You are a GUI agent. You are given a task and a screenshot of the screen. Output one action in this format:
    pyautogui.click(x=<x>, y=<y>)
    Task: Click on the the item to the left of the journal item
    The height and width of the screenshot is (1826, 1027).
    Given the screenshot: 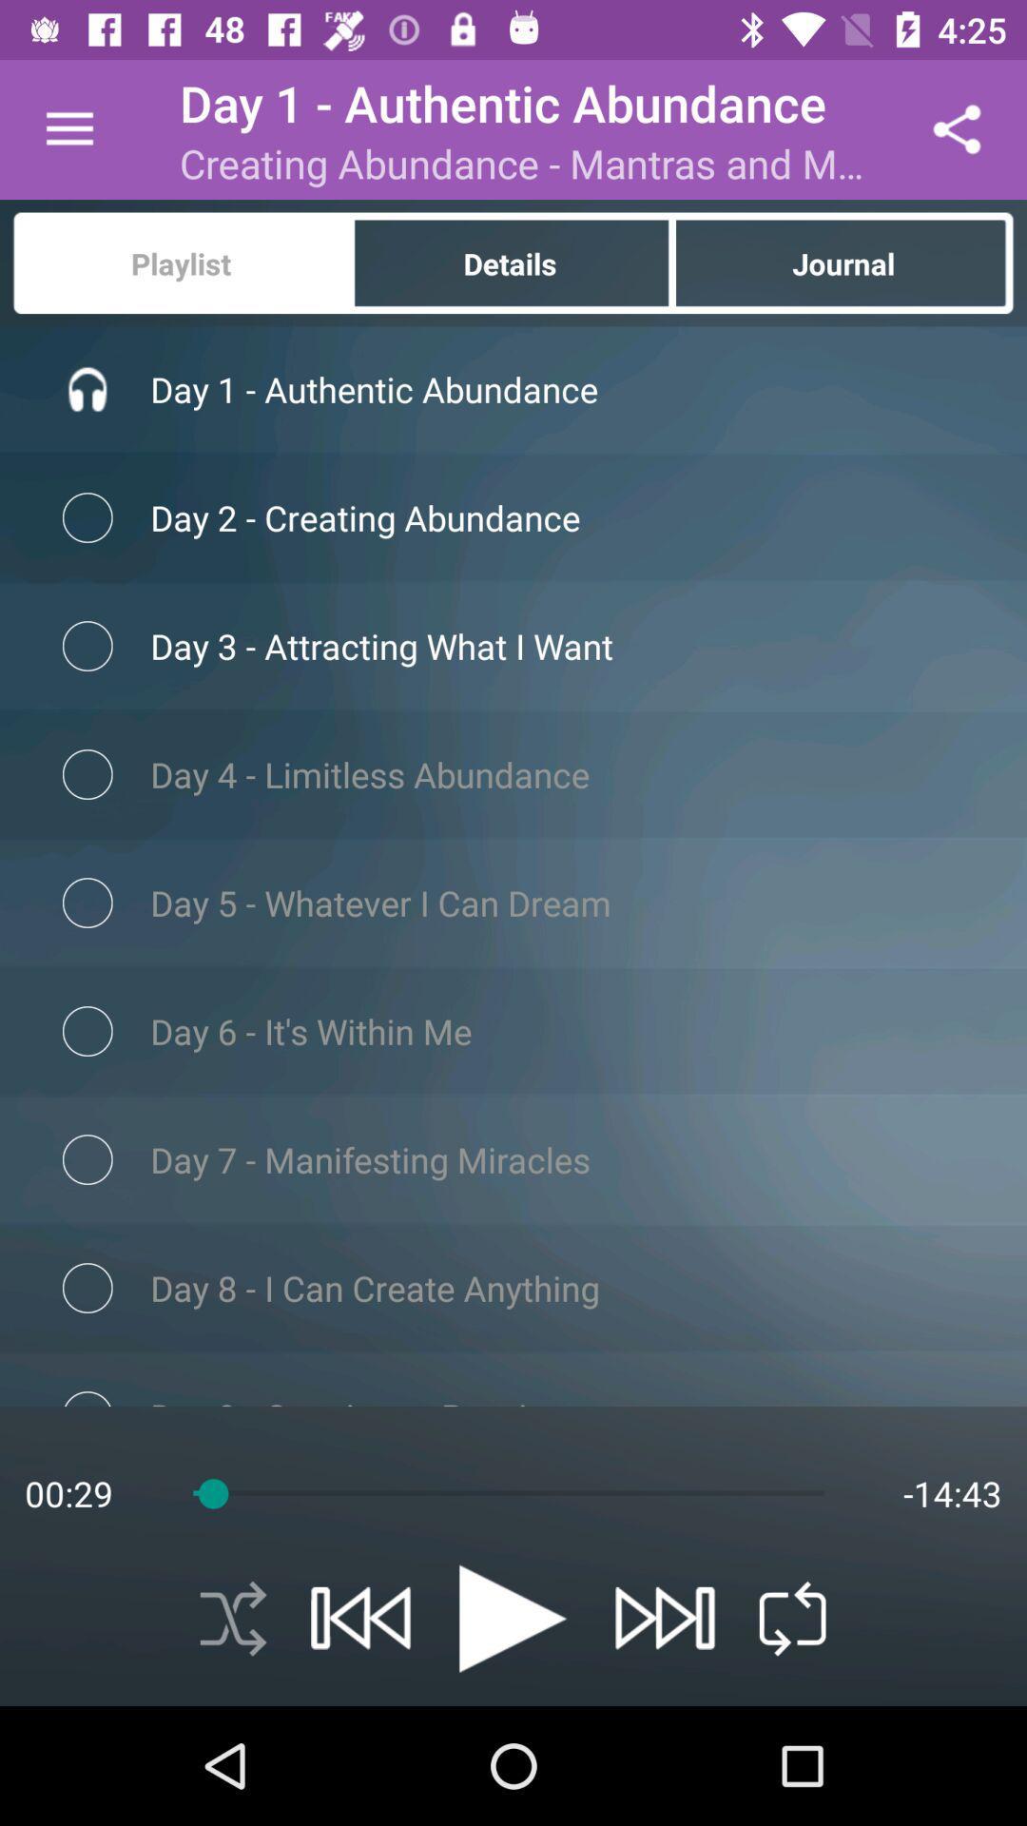 What is the action you would take?
    pyautogui.click(x=511, y=262)
    